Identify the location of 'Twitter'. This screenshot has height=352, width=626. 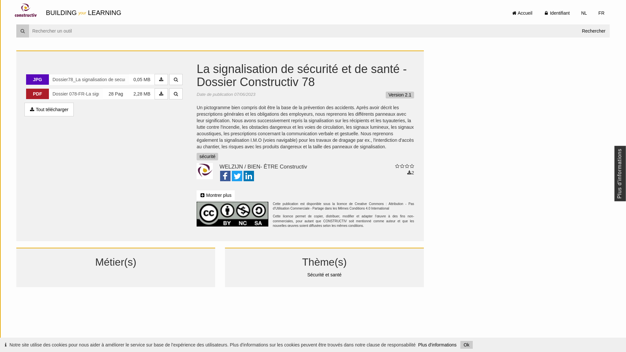
(236, 176).